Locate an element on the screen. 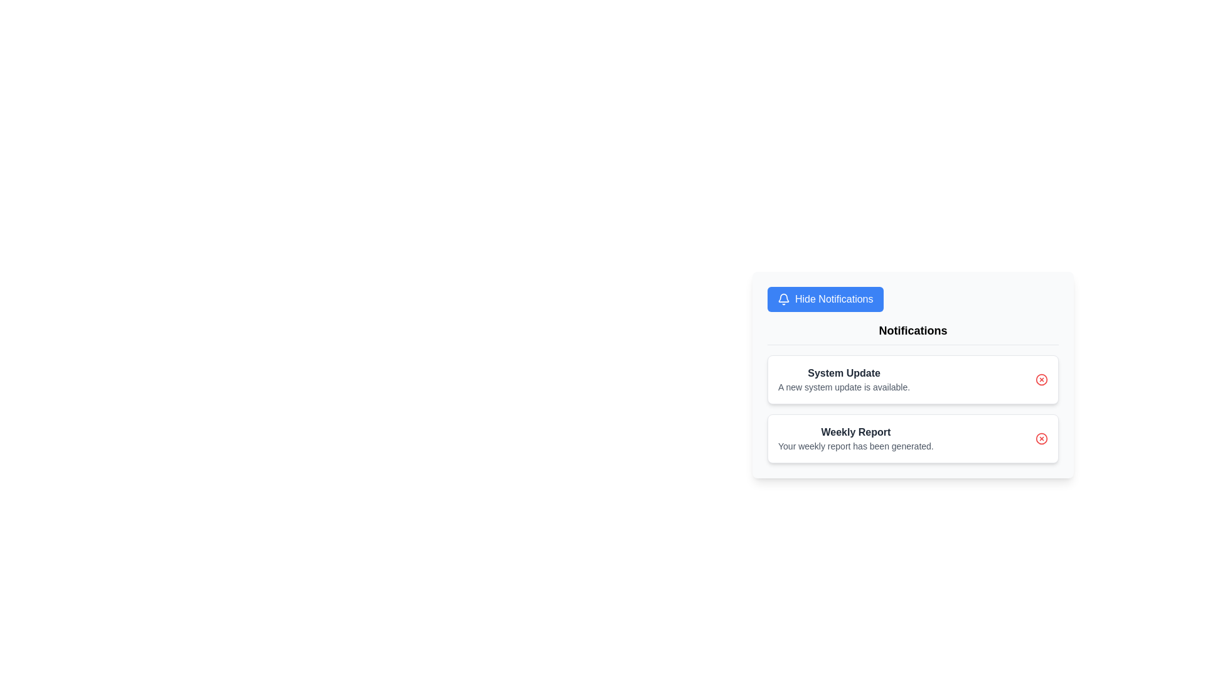  details of the top notification entry in the white rectangular card that informs the user about a new system update is located at coordinates (913, 379).